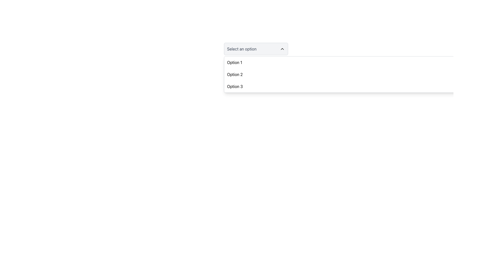 This screenshot has width=481, height=270. What do you see at coordinates (234, 62) in the screenshot?
I see `the first selectable item in the dropdown menu` at bounding box center [234, 62].